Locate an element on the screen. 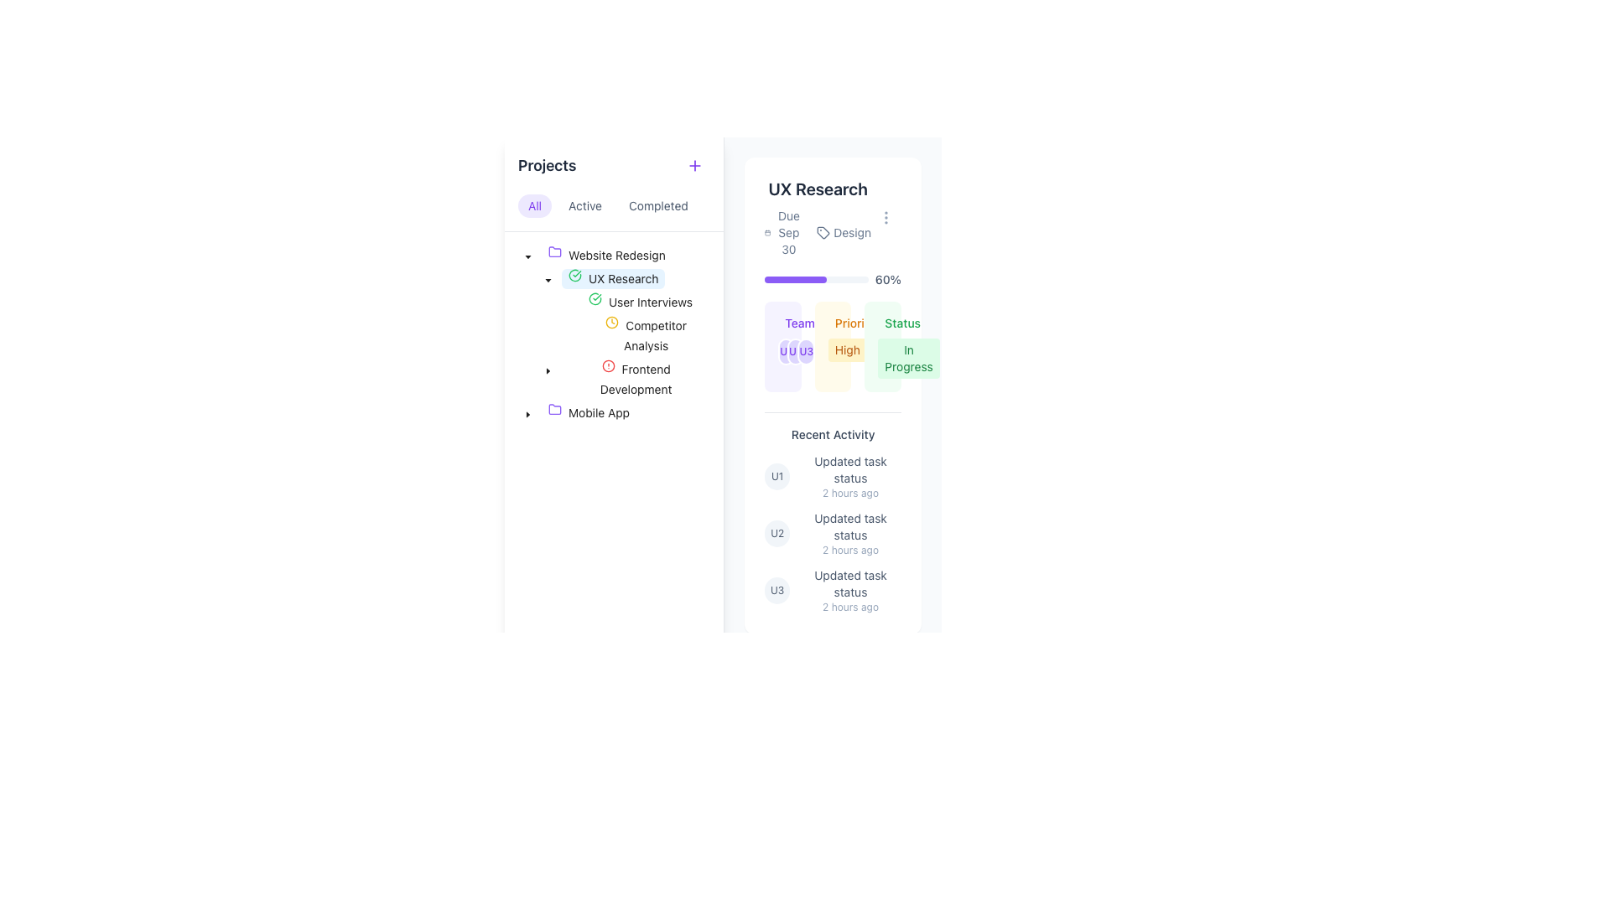 The image size is (1610, 905). the 'Competitor Analysis' tree item, which is positioned under 'User Interviews' and above 'Frontend Development' is located at coordinates (613, 336).